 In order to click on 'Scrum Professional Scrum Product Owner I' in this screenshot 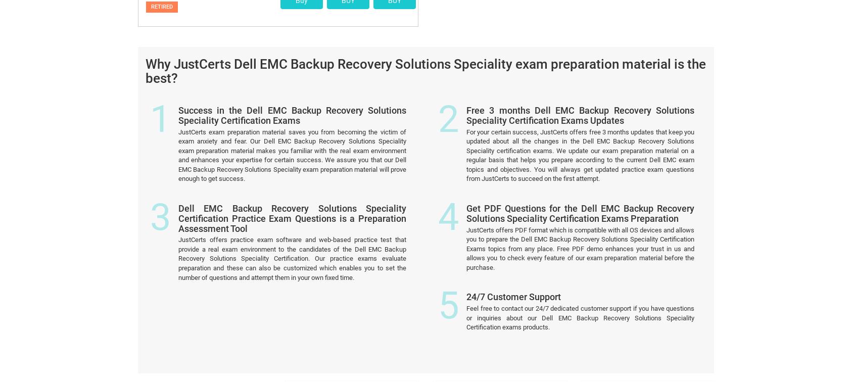, I will do `click(349, 286)`.